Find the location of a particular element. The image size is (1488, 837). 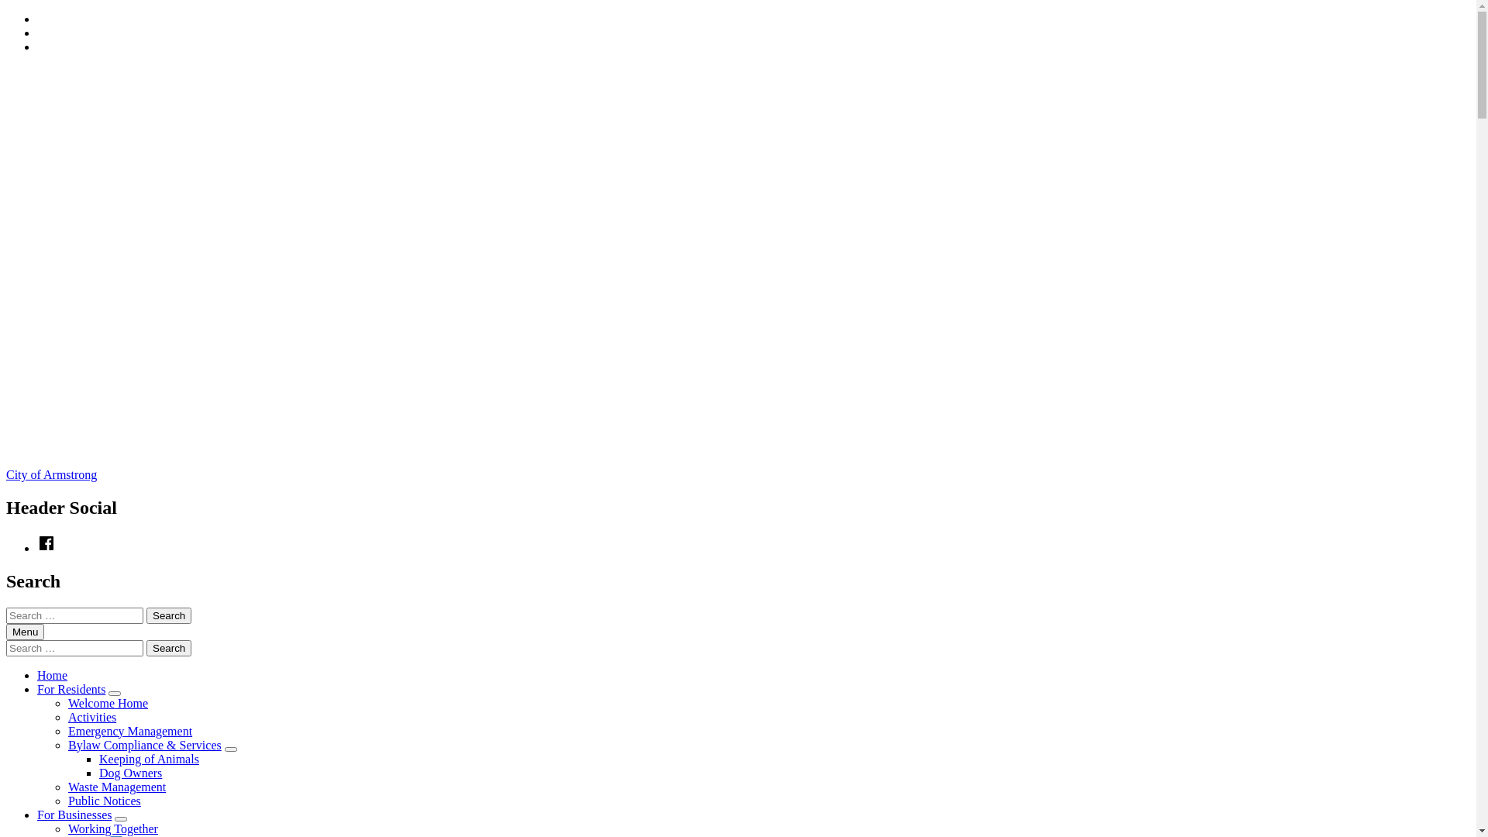

'Keeping of Animals' is located at coordinates (98, 758).